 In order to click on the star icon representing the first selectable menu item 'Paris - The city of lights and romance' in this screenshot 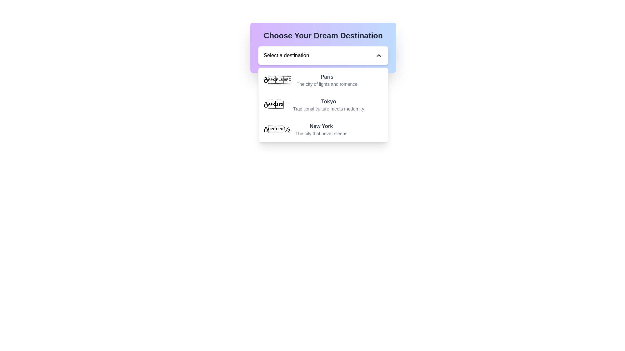, I will do `click(277, 80)`.